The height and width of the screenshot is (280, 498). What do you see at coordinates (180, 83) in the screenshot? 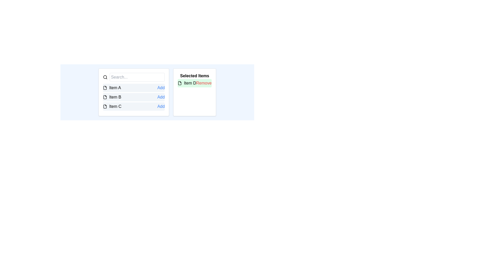
I see `the document icon located to the left of the text 'Item D' in the 'Selected Items' section` at bounding box center [180, 83].